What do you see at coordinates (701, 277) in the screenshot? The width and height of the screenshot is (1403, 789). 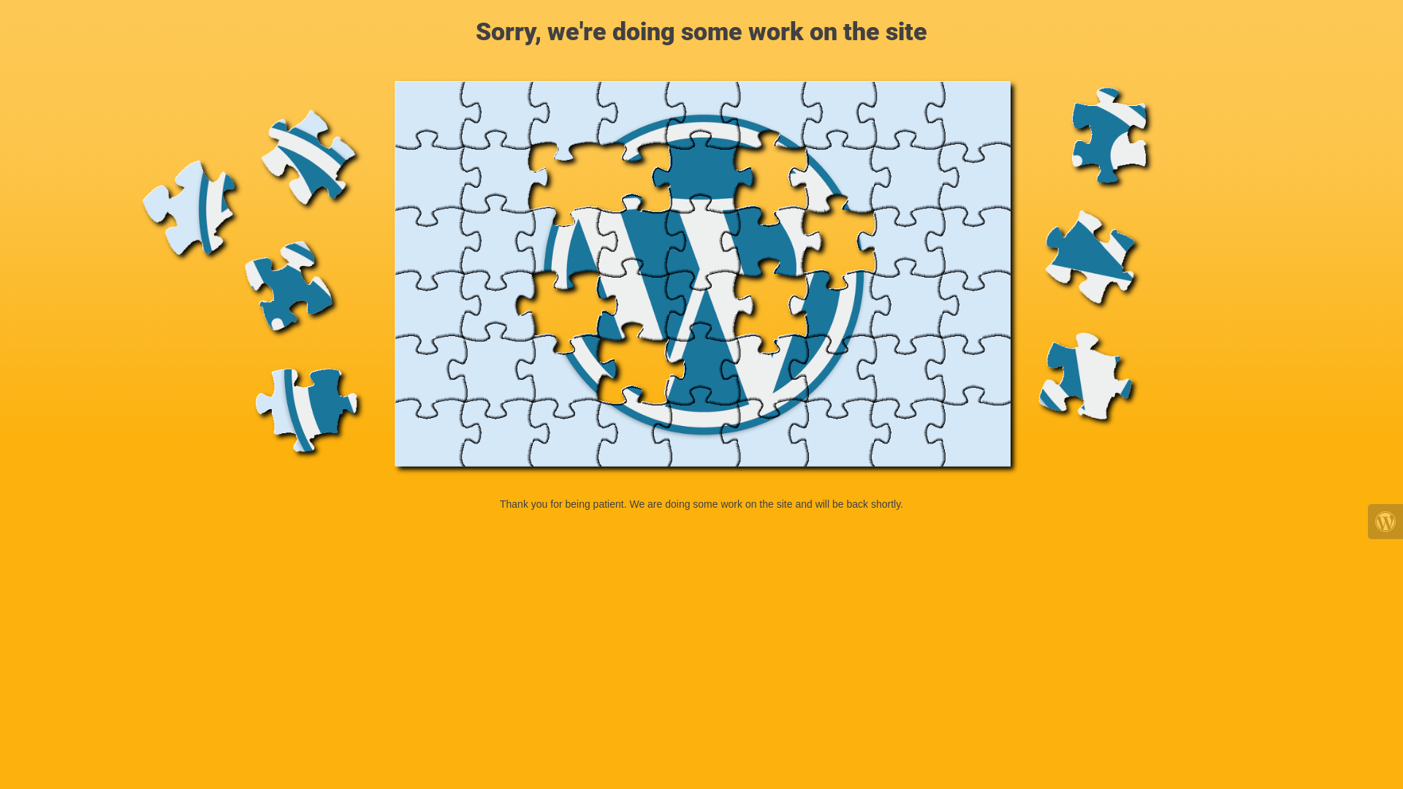 I see `'We're putting together a new site for you'` at bounding box center [701, 277].